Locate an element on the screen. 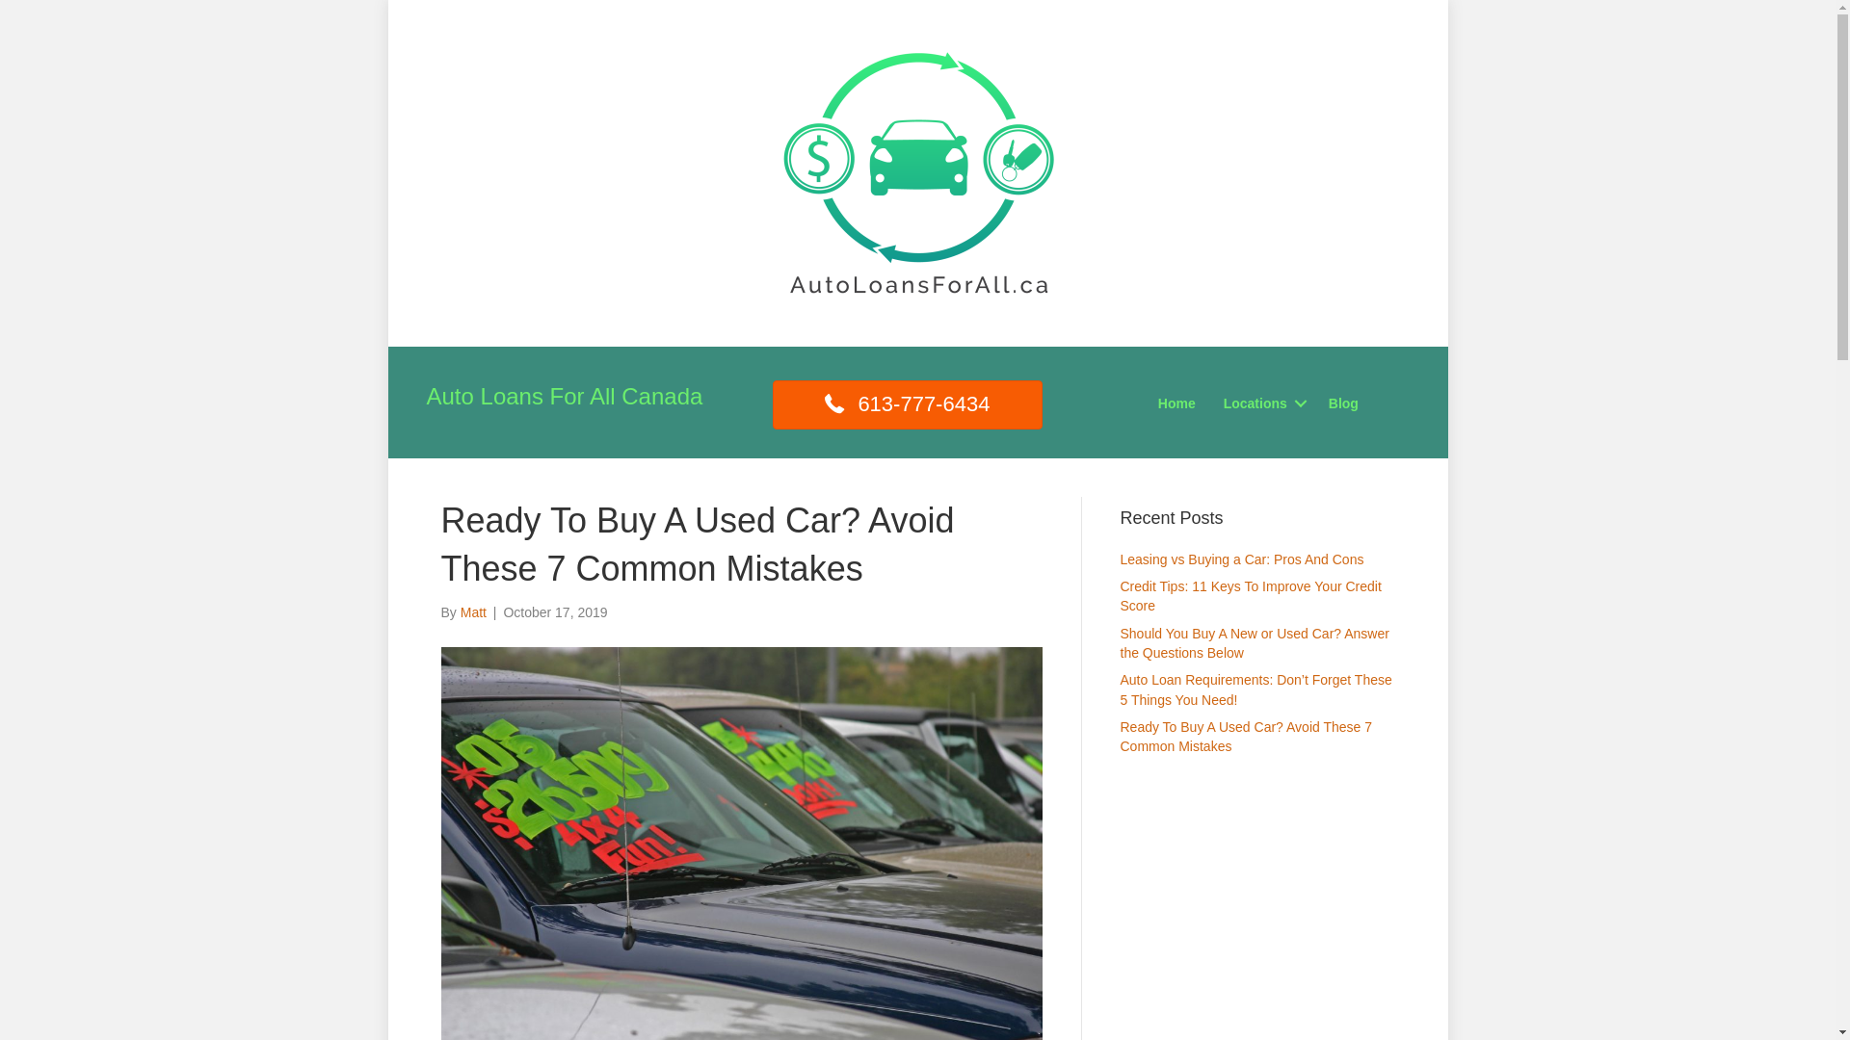 The height and width of the screenshot is (1040, 1850). 'Home' is located at coordinates (1176, 403).